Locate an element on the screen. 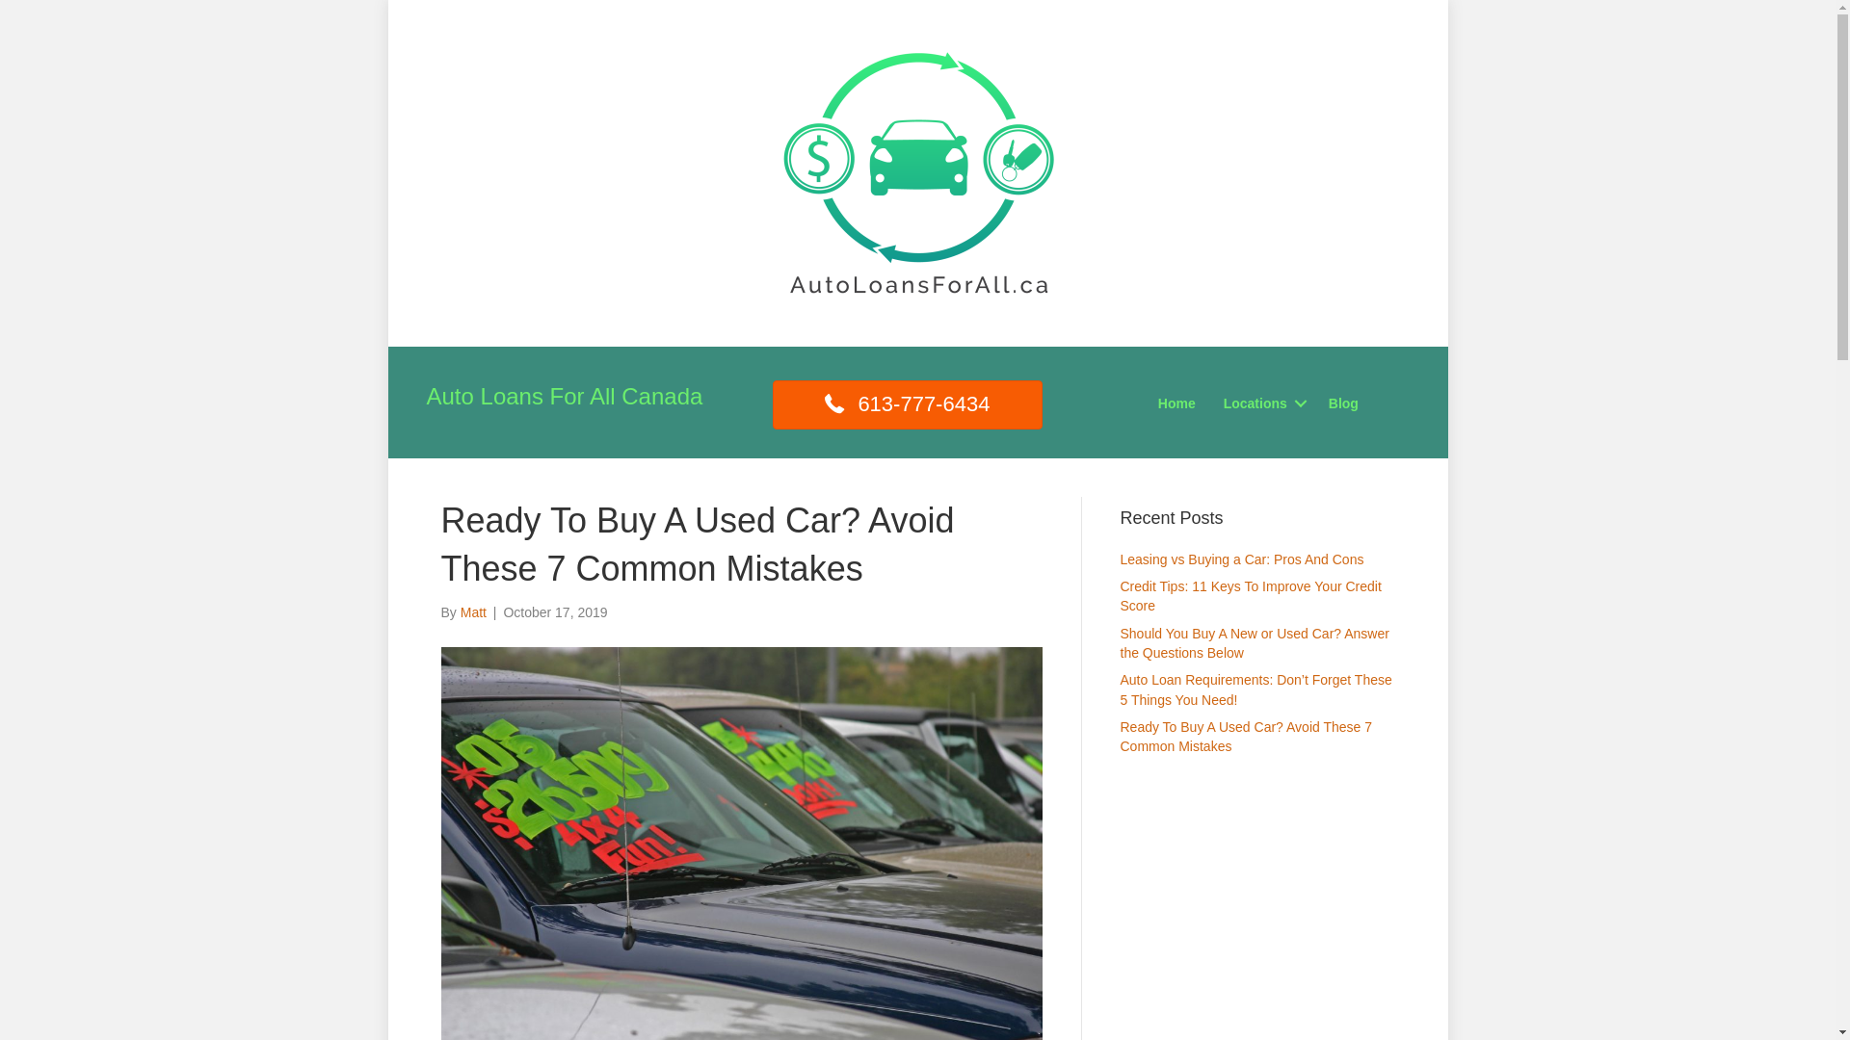 The height and width of the screenshot is (1040, 1850). 'Home' is located at coordinates (1176, 403).